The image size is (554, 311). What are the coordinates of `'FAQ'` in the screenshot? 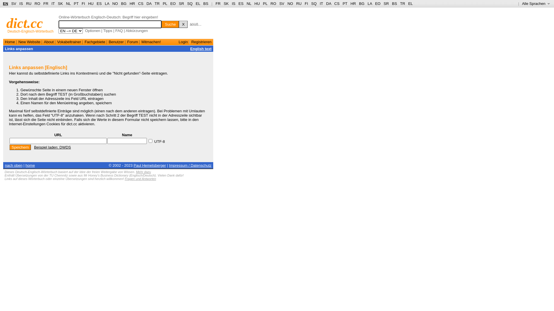 It's located at (115, 31).